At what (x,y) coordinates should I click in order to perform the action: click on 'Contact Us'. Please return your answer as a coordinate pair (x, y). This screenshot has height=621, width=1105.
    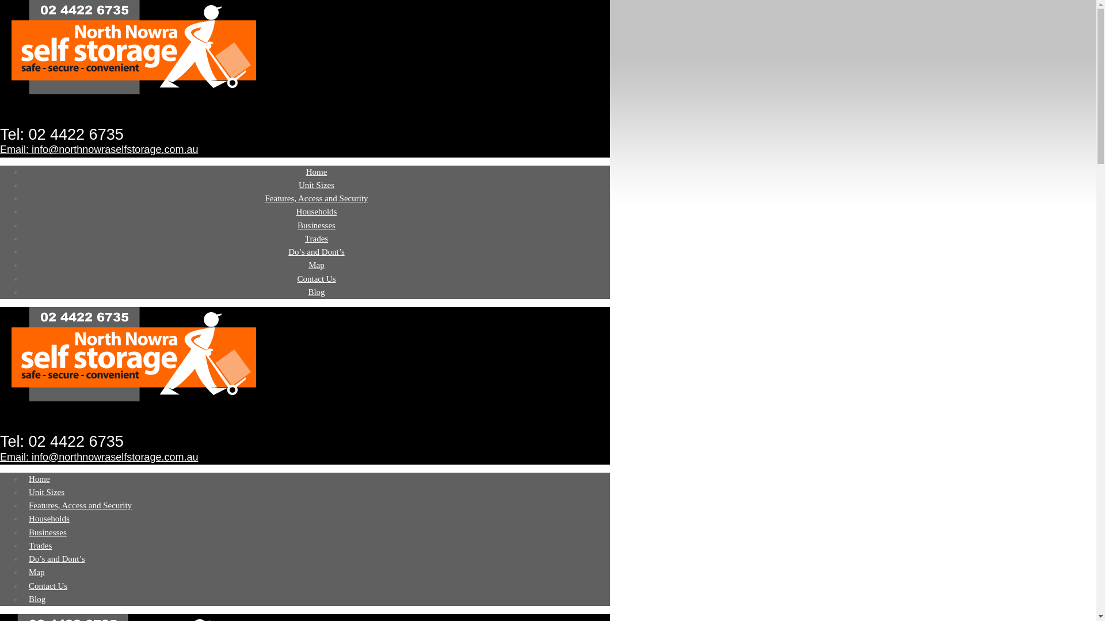
    Looking at the image, I should click on (47, 585).